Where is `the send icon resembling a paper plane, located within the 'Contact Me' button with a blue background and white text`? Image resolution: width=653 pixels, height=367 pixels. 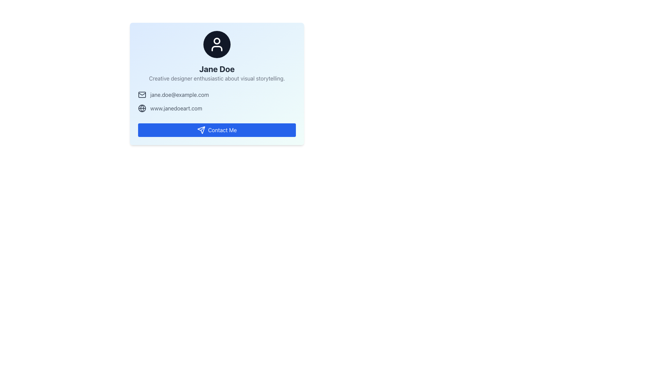 the send icon resembling a paper plane, located within the 'Contact Me' button with a blue background and white text is located at coordinates (201, 130).